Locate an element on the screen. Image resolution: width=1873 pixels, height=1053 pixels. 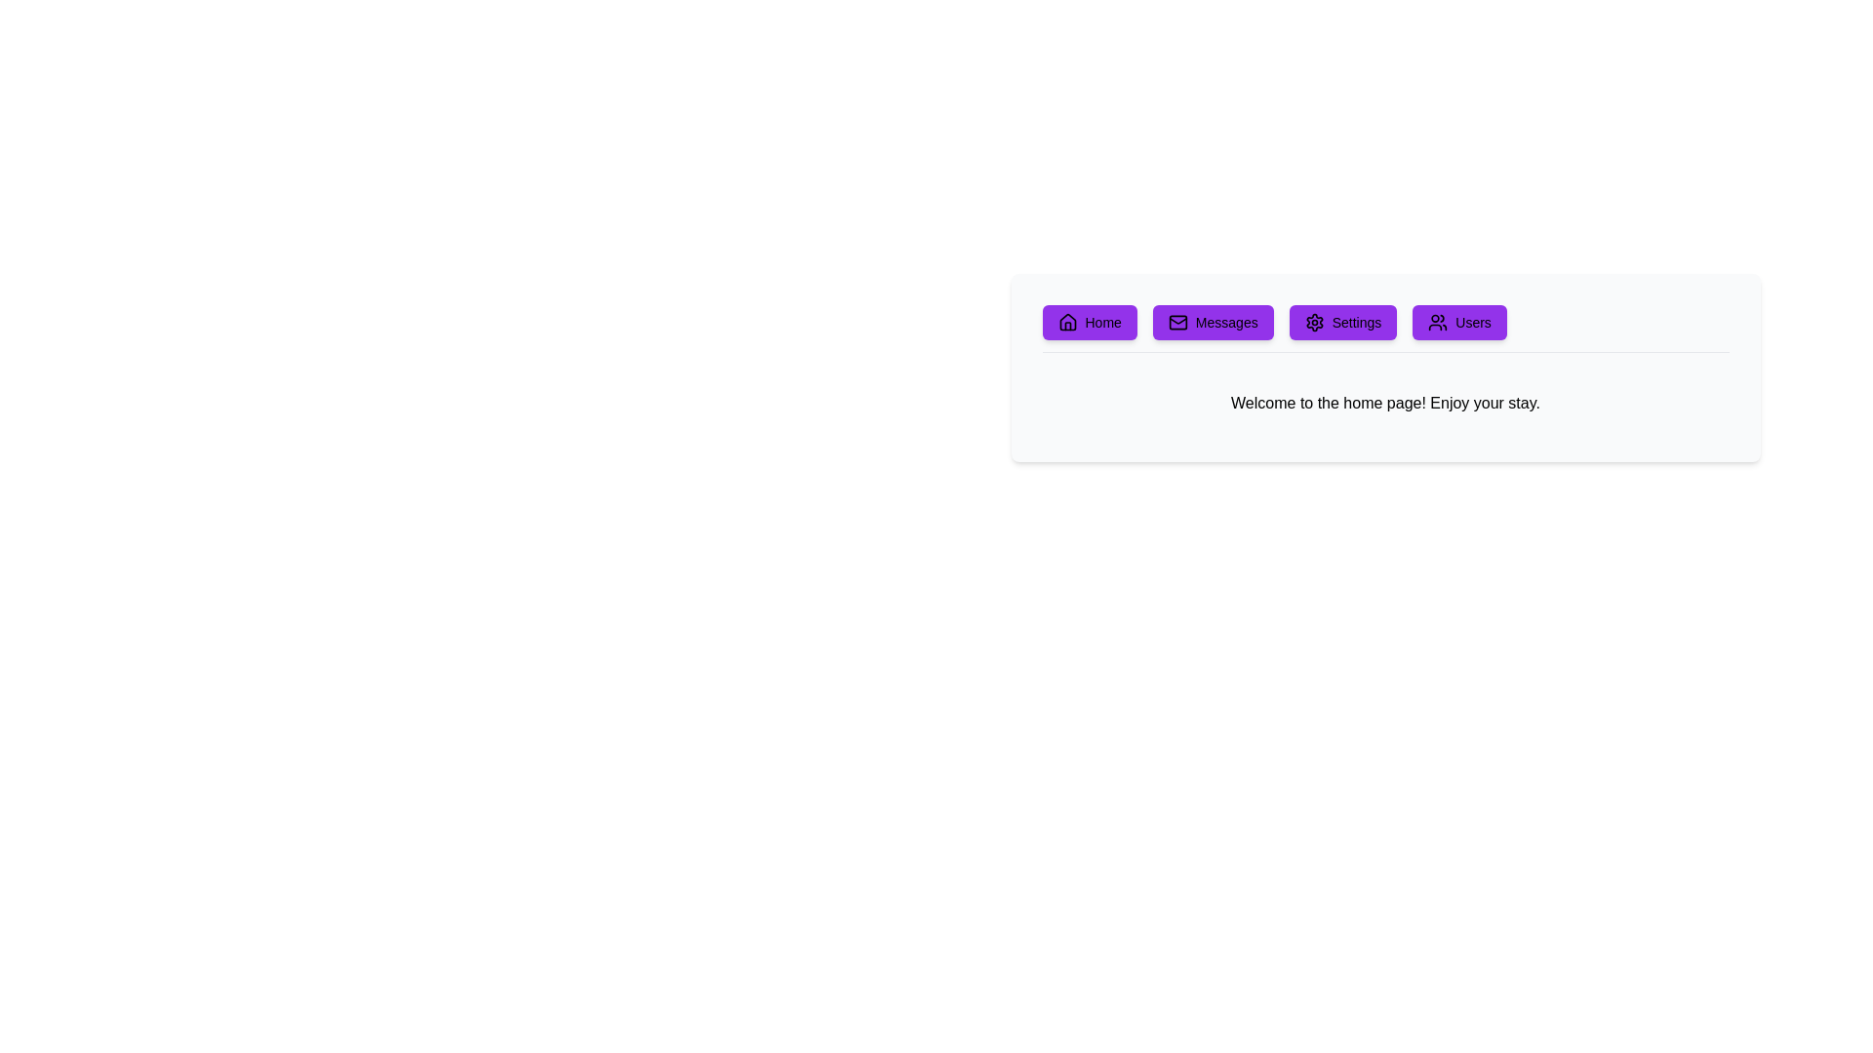
the 'Messages' button, which is a rounded rectangular button with a purple background and white text is located at coordinates (1212, 322).